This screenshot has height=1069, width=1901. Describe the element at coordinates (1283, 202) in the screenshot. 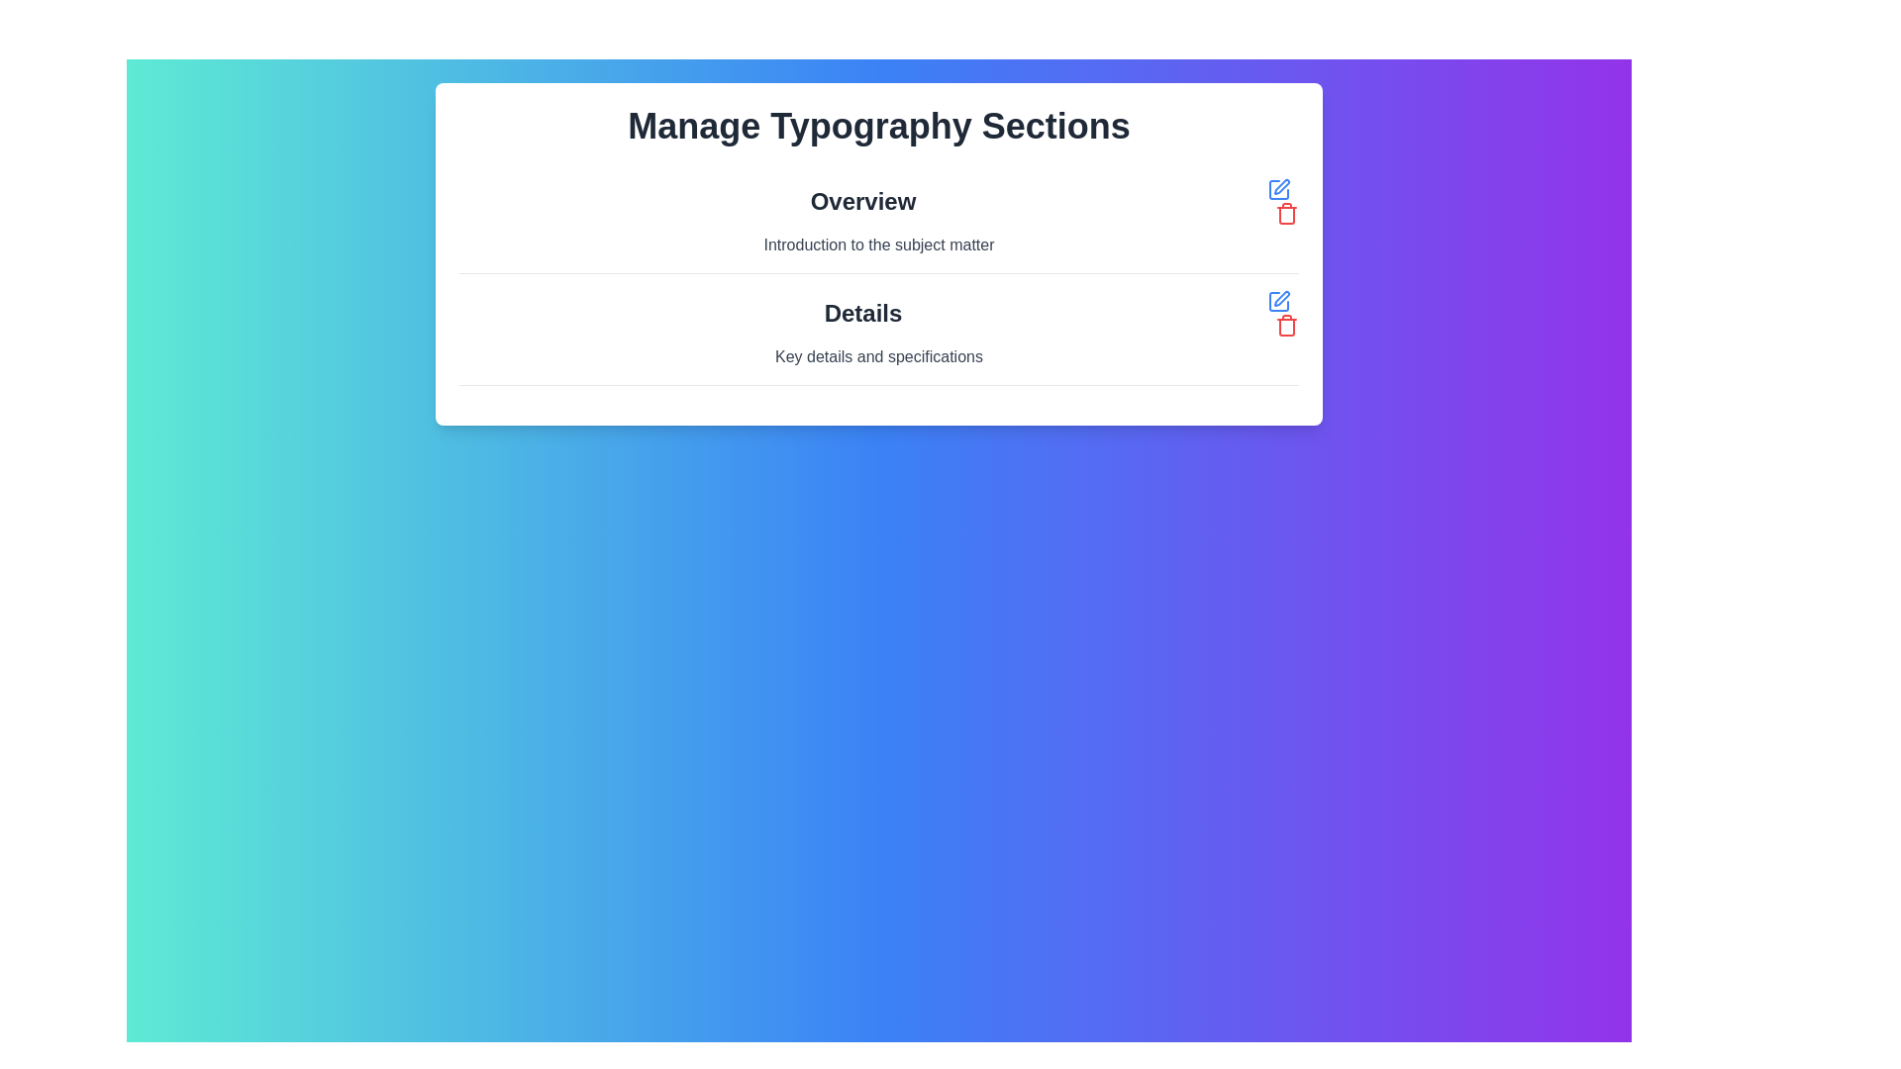

I see `the blue pencil icon at the top of the composite UI element consisting of edit and delete buttons to initiate an edit action` at that location.